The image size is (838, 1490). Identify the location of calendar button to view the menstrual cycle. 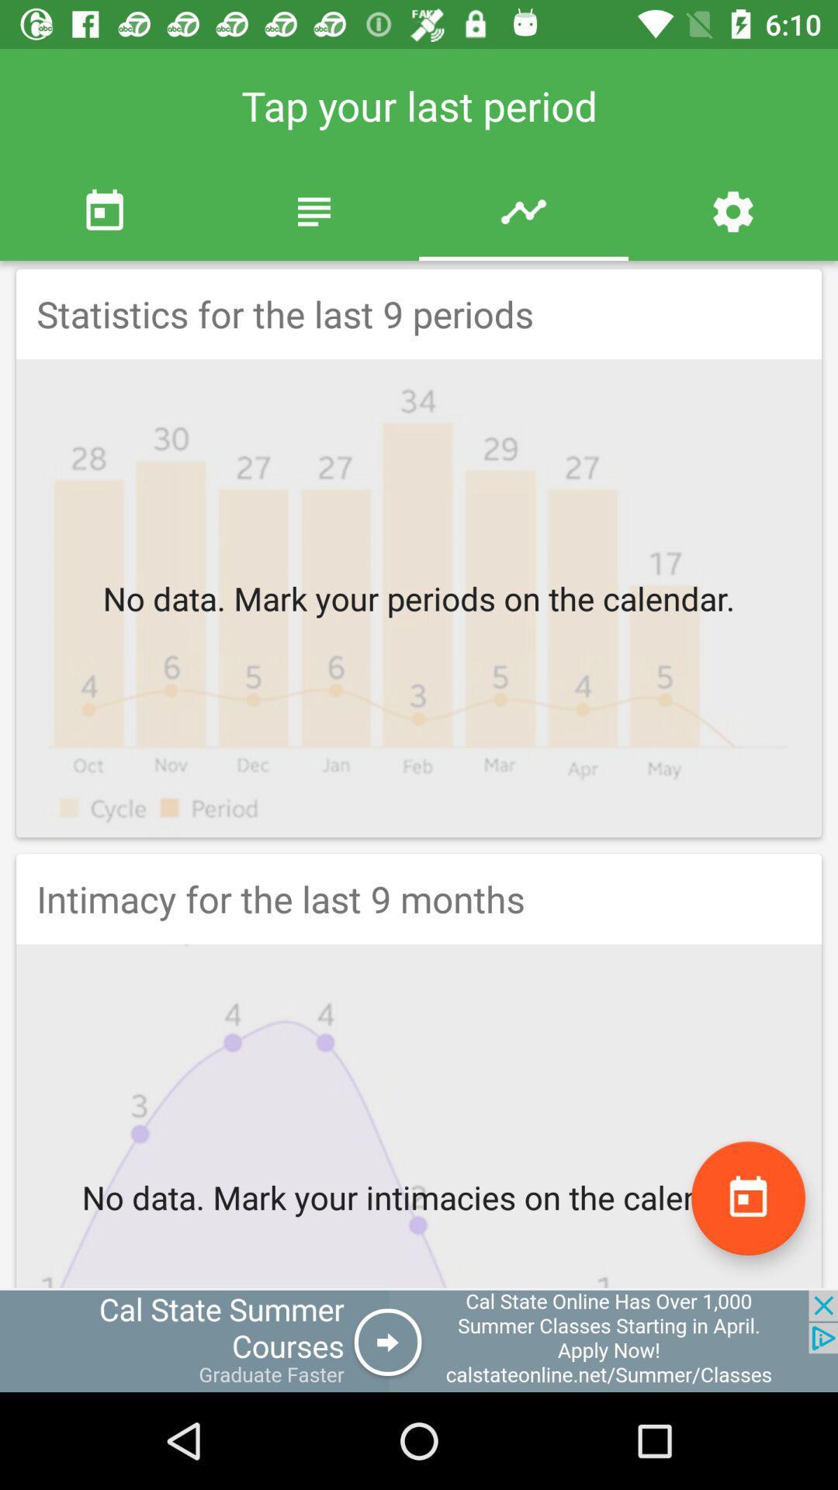
(747, 1197).